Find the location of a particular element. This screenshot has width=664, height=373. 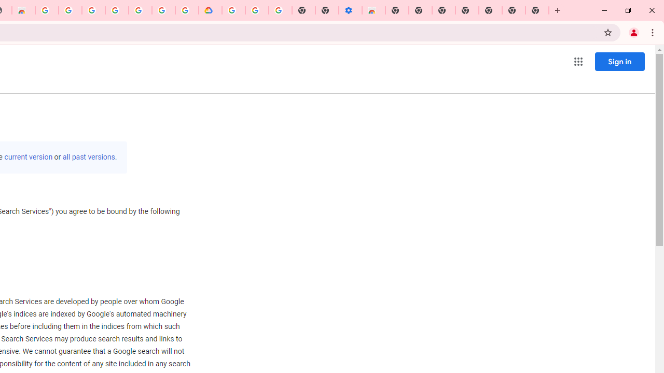

'Ad Settings' is located at coordinates (70, 10).